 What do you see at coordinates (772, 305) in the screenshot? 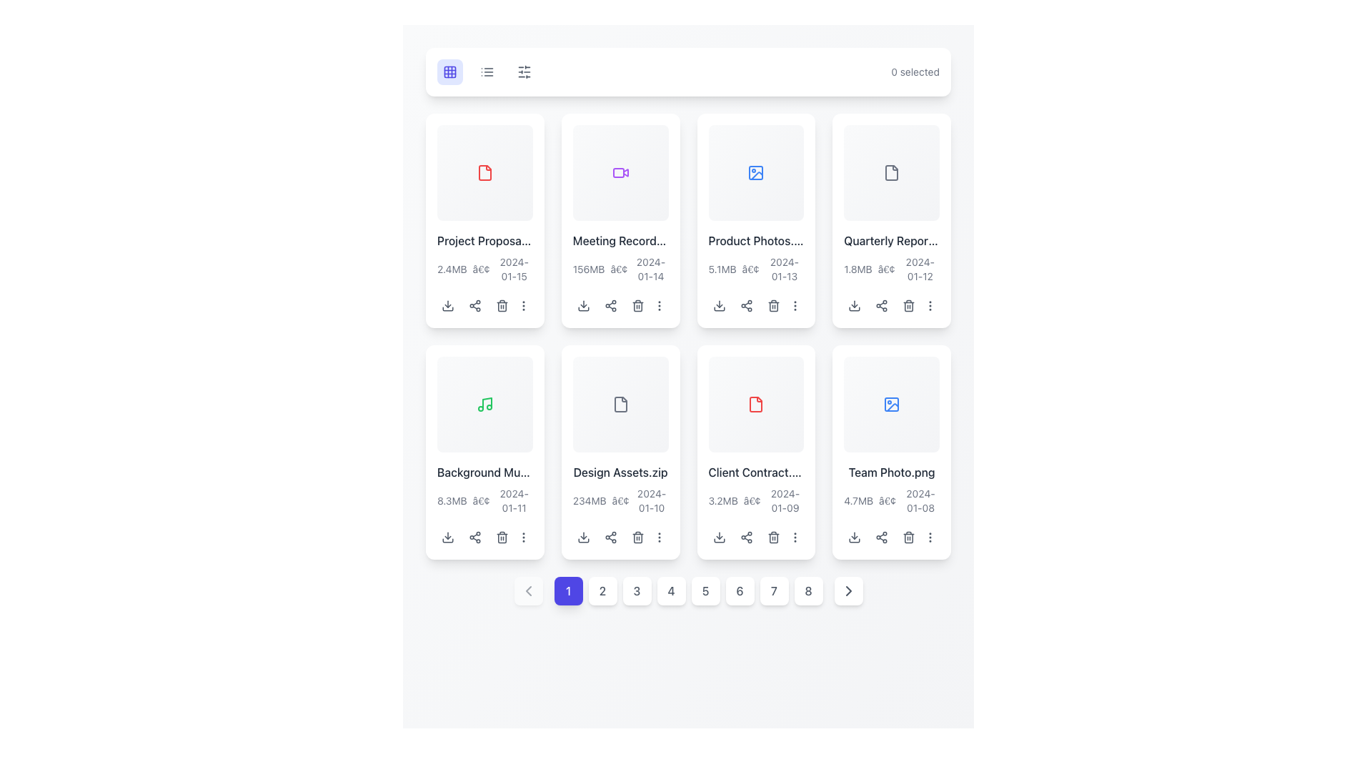
I see `the trash bin icon button located in the third card of the top row, positioned between the 'share' icon and the 'more actions' icon` at bounding box center [772, 305].